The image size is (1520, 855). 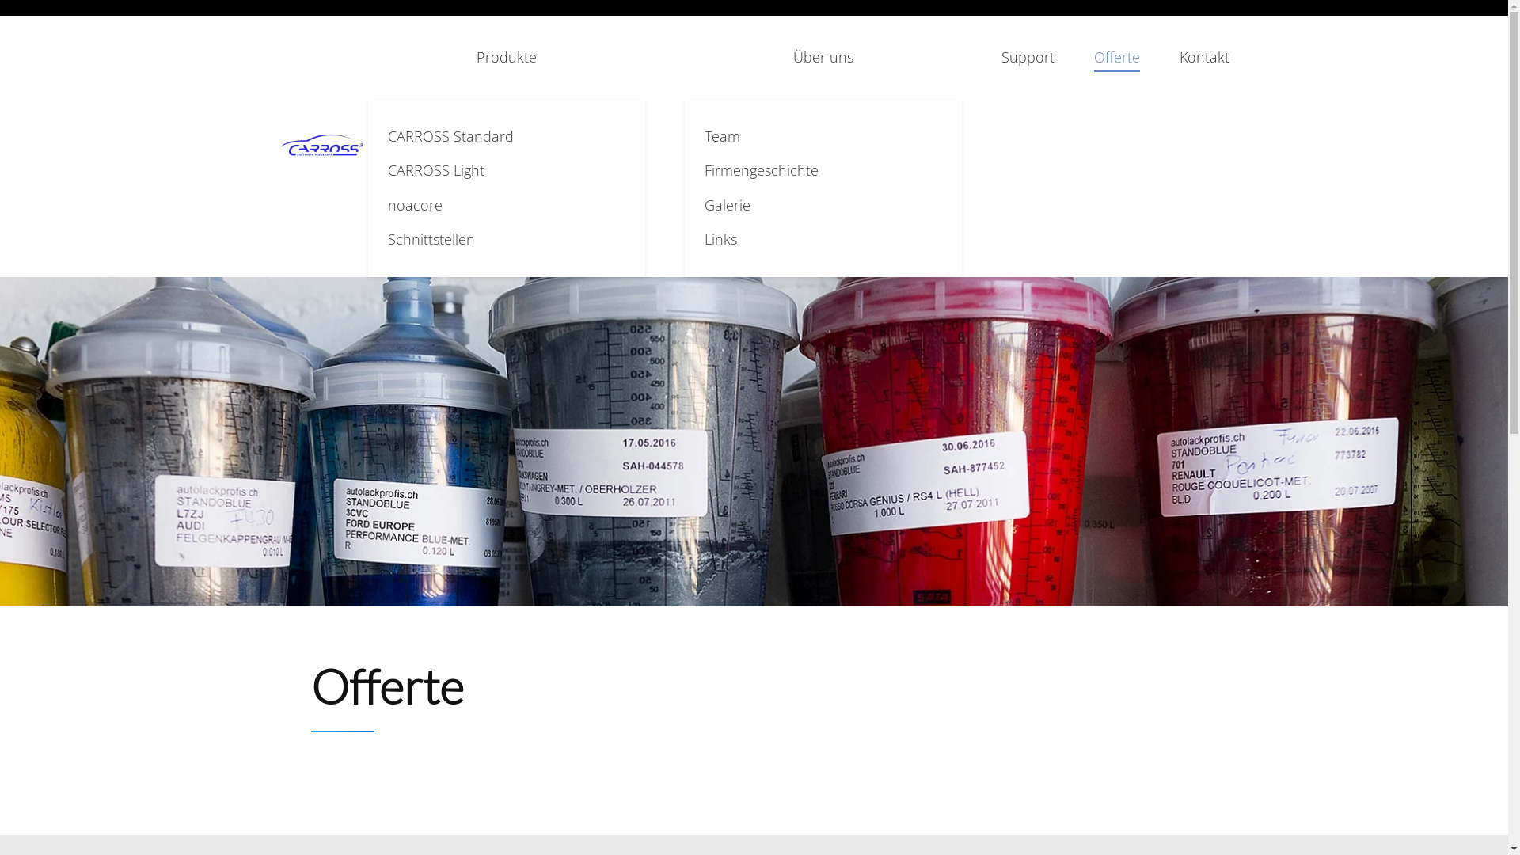 I want to click on 'Links', so click(x=823, y=239).